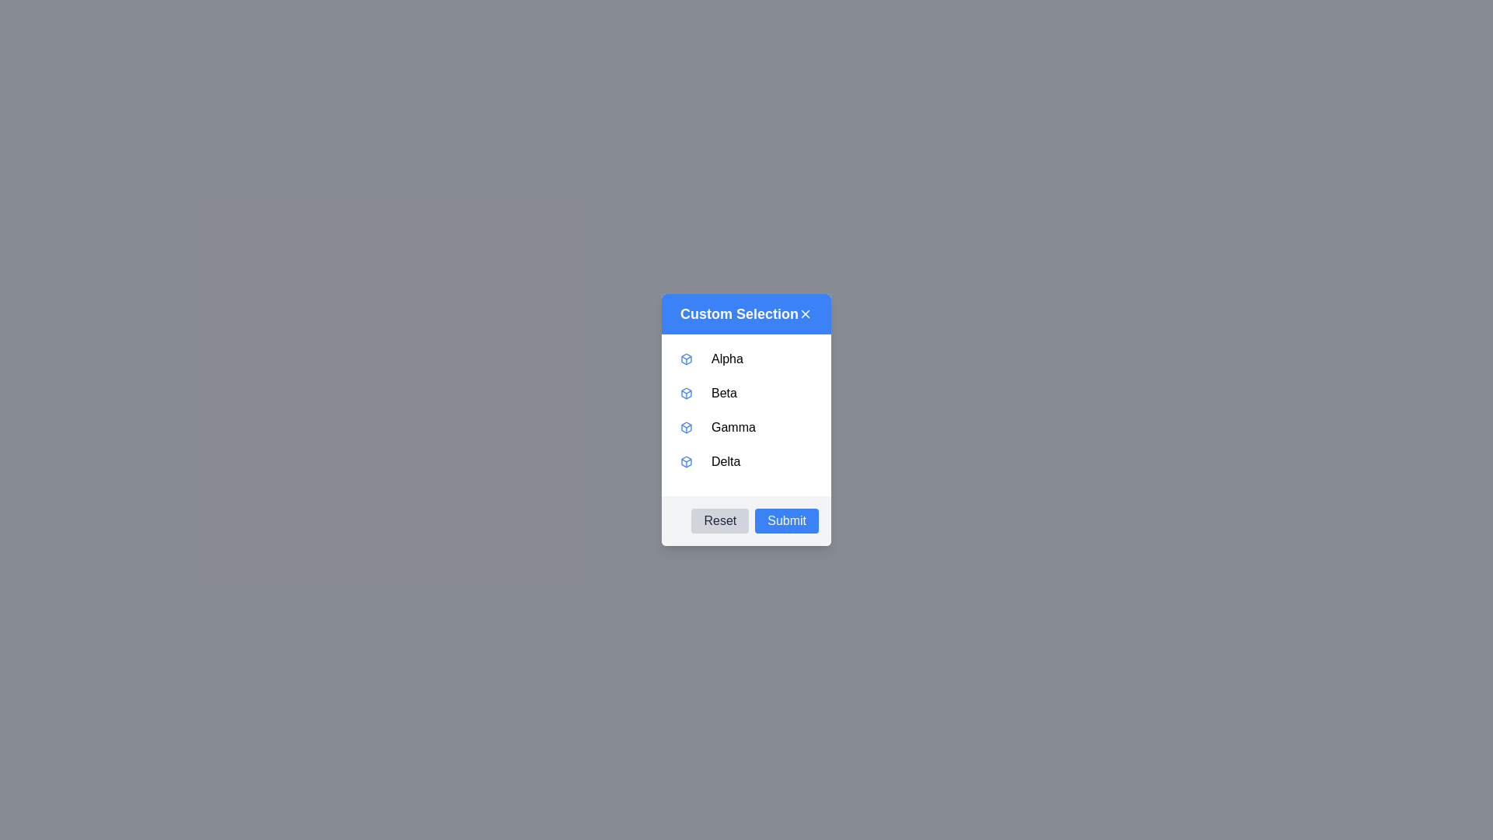 This screenshot has height=840, width=1493. I want to click on the selectable option within the list labeled as the second item in the modal titled 'Custom Selection', located between 'Alpha' and 'Gamma', so click(746, 392).